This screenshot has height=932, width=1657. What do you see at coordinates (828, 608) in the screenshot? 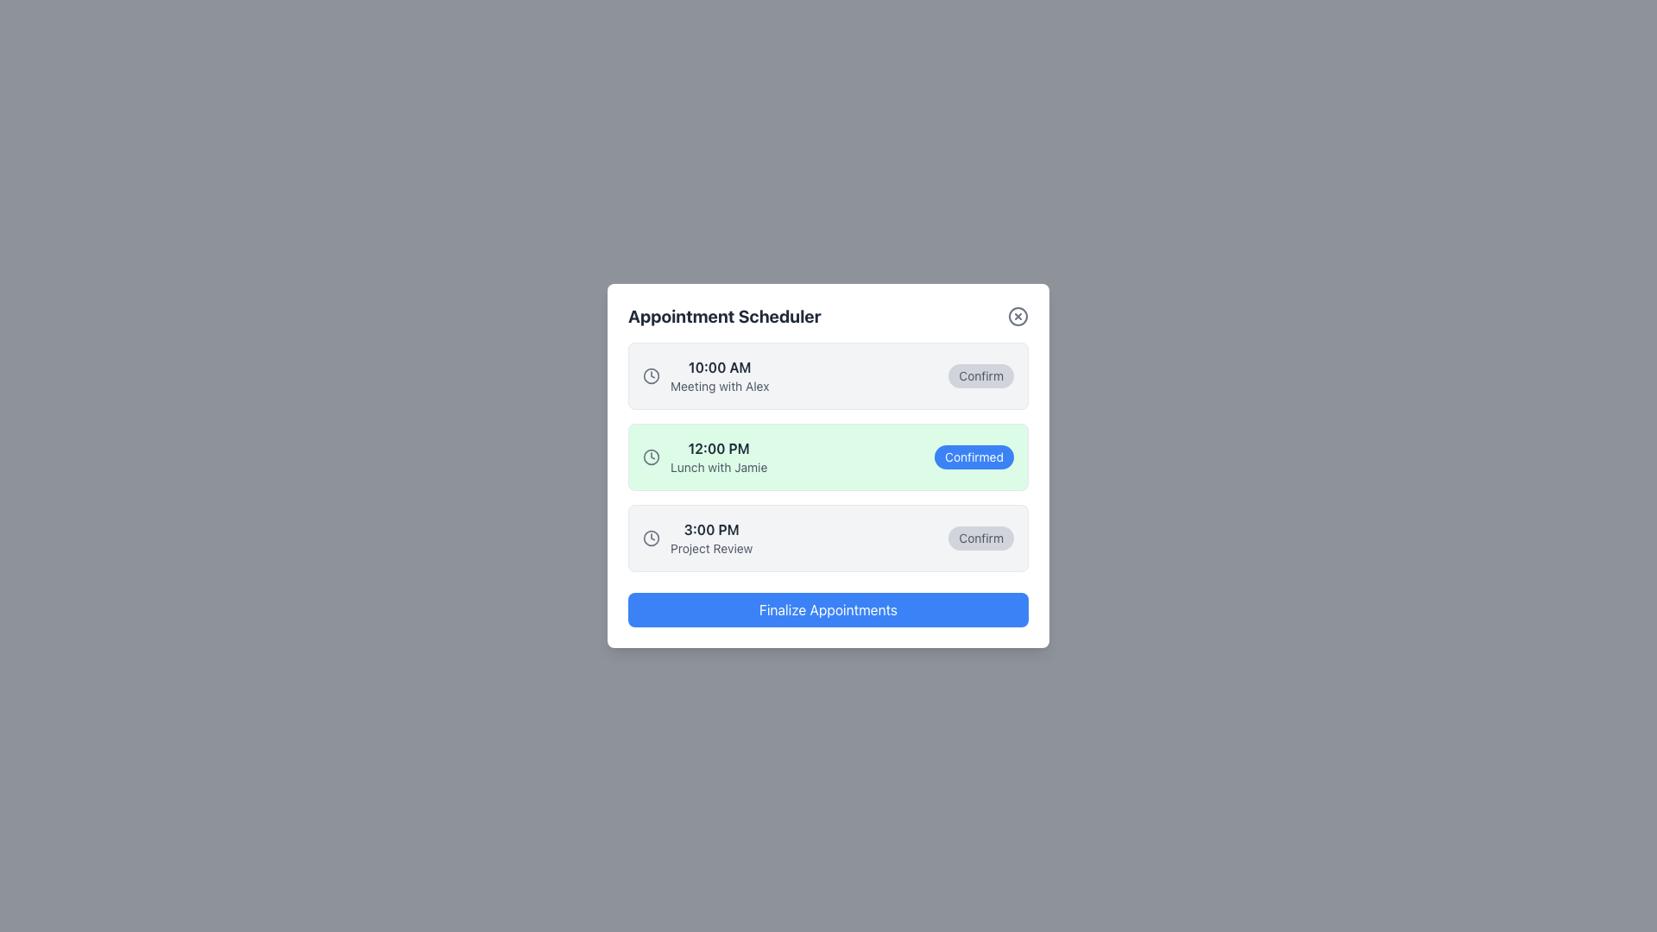
I see `the large rectangular button with a bright blue background and white text reading 'Finalize Appointments' located at the bottom of the Appointment Scheduler interface to finalize all appointments` at bounding box center [828, 608].